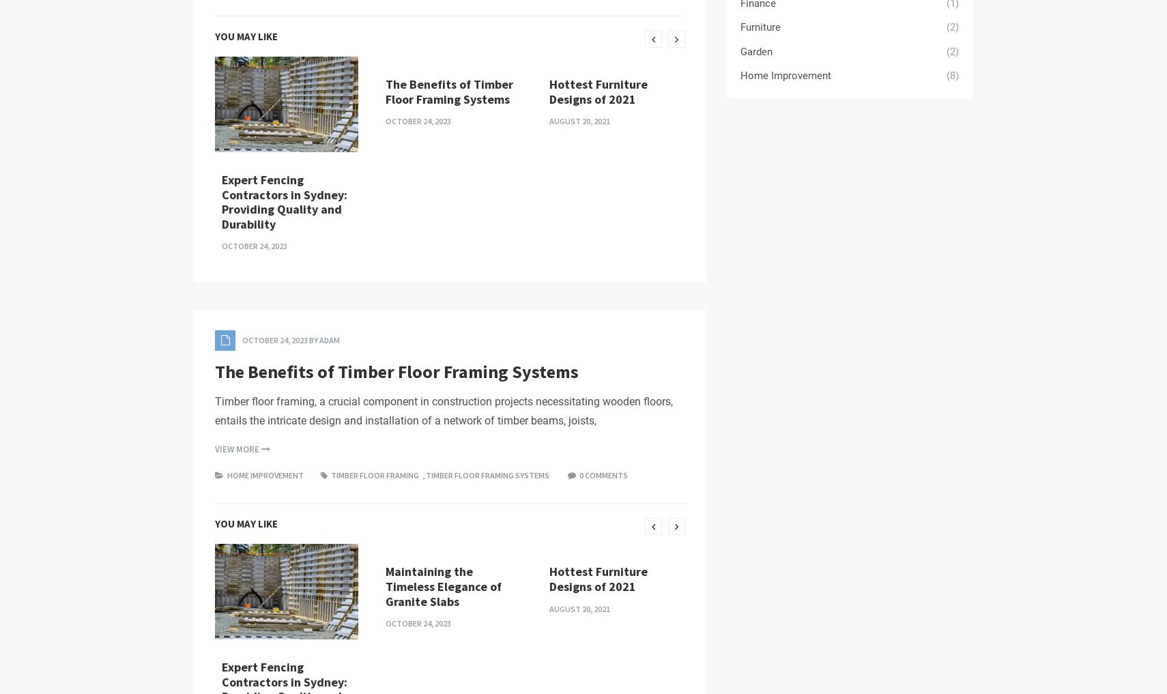 The width and height of the screenshot is (1167, 694). Describe the element at coordinates (549, 323) in the screenshot. I see `'Hottest Furniture Designs of 2021'` at that location.